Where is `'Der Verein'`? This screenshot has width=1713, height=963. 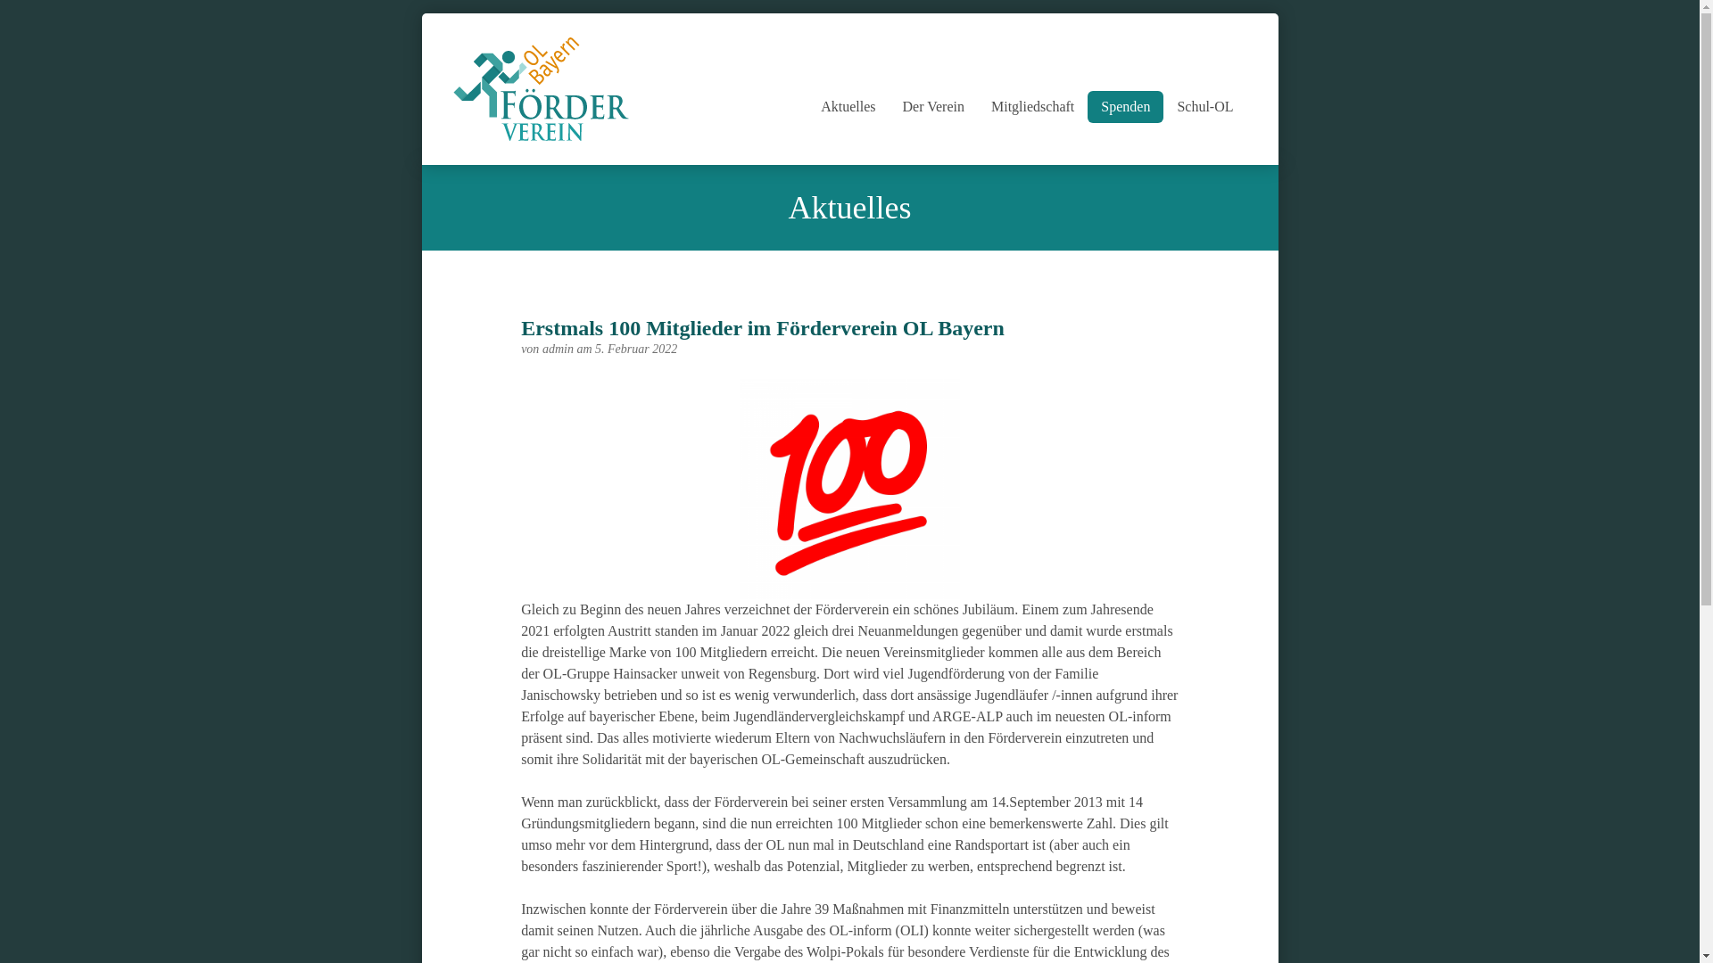
'Der Verein' is located at coordinates (932, 106).